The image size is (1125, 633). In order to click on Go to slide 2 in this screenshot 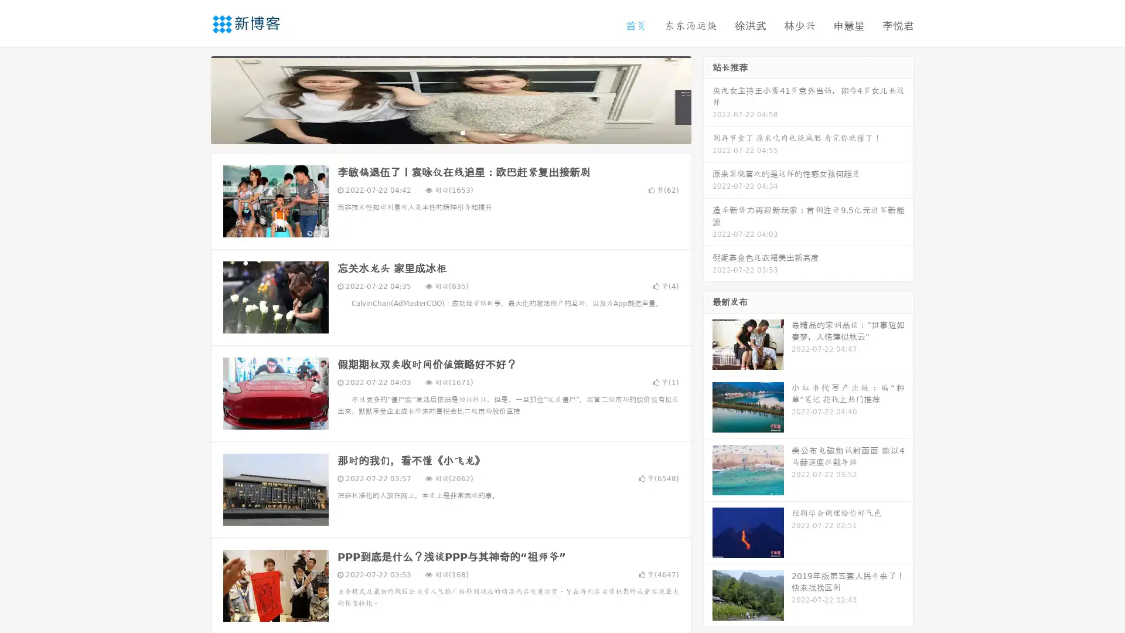, I will do `click(450, 132)`.